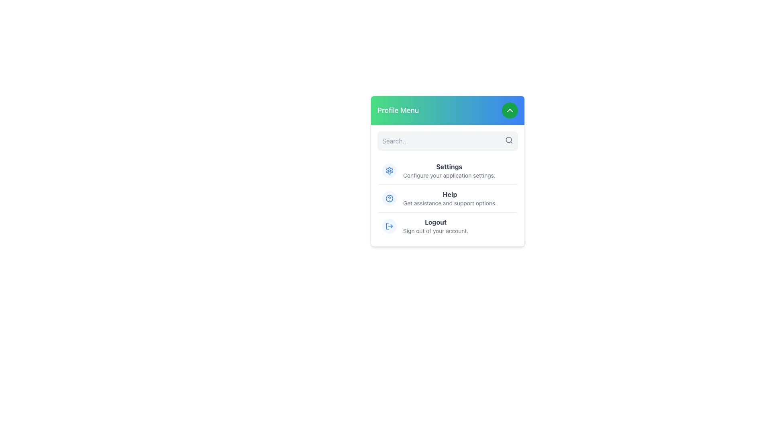  Describe the element at coordinates (508, 139) in the screenshot. I see `the search icon located to the right of the search input field to focus on the adjacent input for text entry` at that location.